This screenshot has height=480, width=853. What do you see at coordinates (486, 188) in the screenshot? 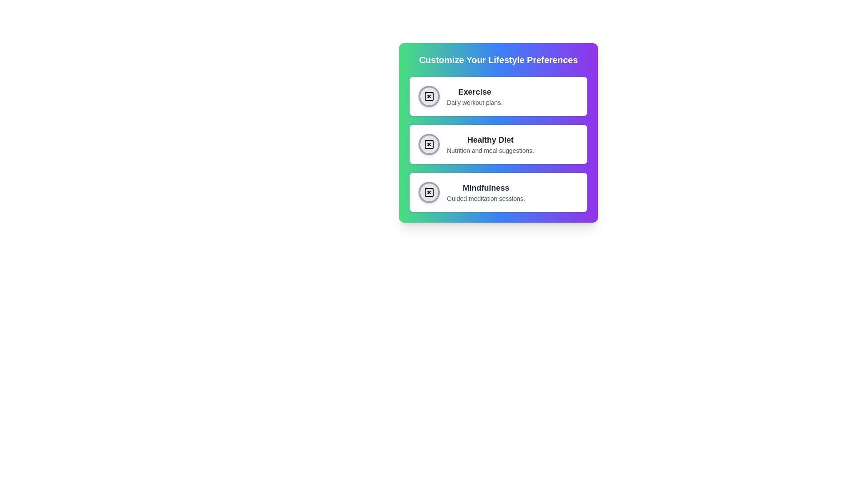
I see `the 'Mindfulness' section title Text Label, which is located in the third box of a vertically stacked list, directly above the descriptive text 'Guided meditation sessions.'` at bounding box center [486, 188].